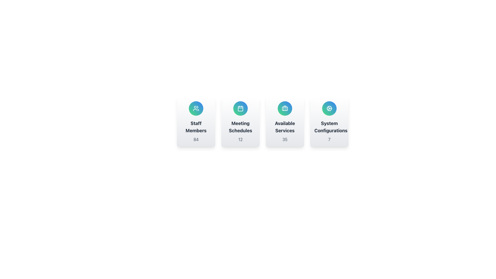 This screenshot has width=496, height=279. What do you see at coordinates (329, 108) in the screenshot?
I see `the cogwheel icon located at the center of the circular background in the 'System Configurations' card` at bounding box center [329, 108].